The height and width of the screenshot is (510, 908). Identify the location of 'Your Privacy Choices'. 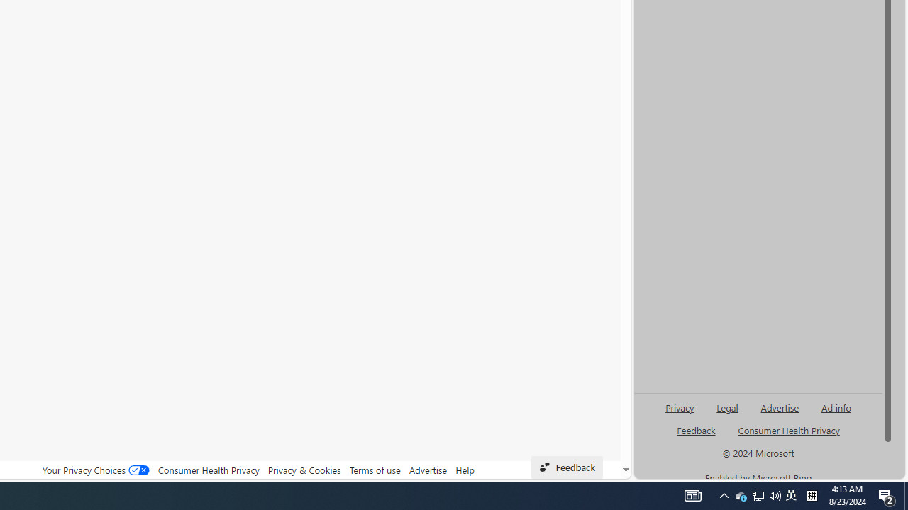
(95, 470).